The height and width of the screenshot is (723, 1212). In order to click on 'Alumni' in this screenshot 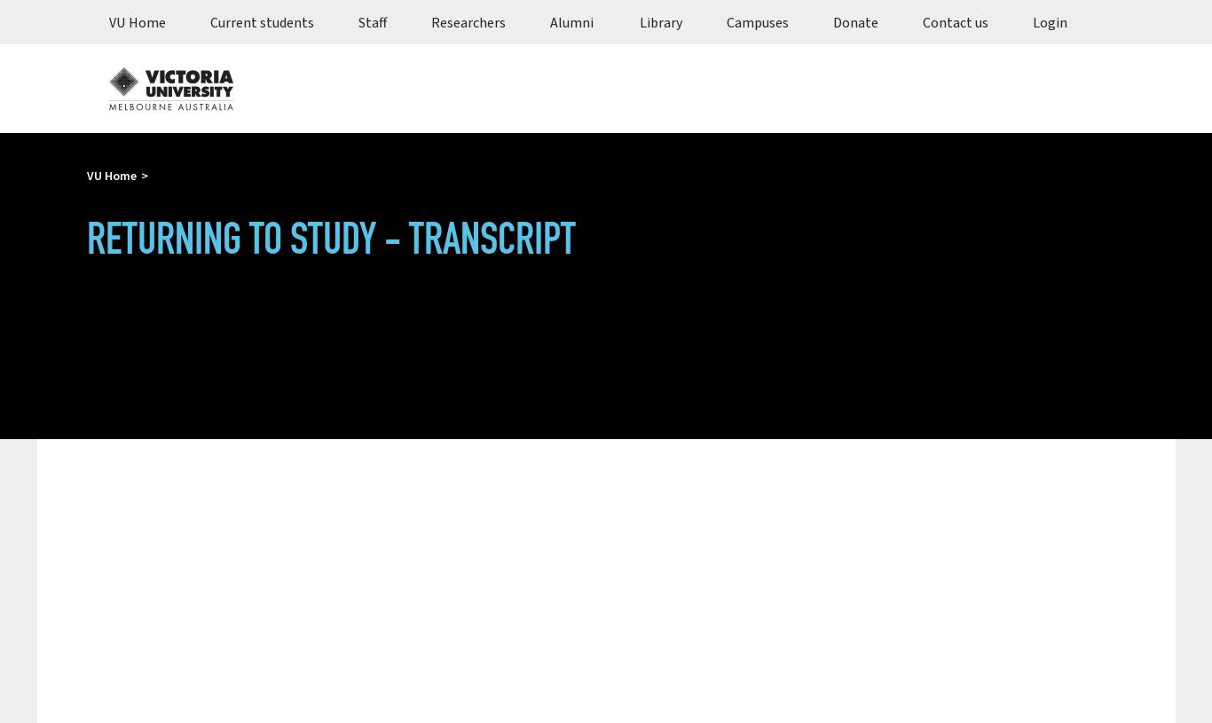, I will do `click(571, 21)`.